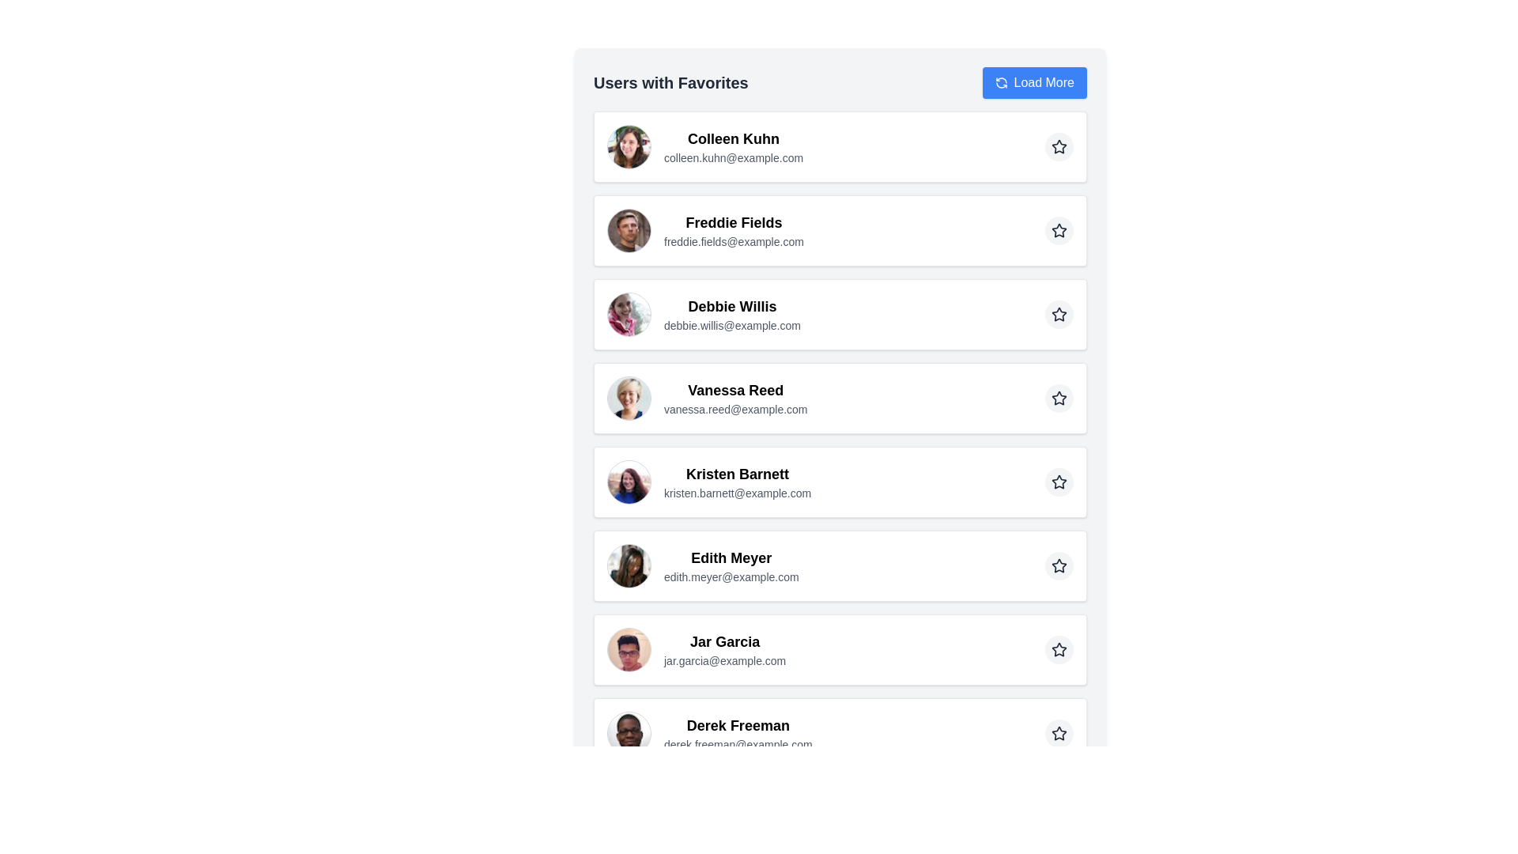 The width and height of the screenshot is (1518, 854). I want to click on the interactive star icon located to the right of the user profile 'Edith Meyer' to potentially see a tooltip or status, so click(1059, 565).